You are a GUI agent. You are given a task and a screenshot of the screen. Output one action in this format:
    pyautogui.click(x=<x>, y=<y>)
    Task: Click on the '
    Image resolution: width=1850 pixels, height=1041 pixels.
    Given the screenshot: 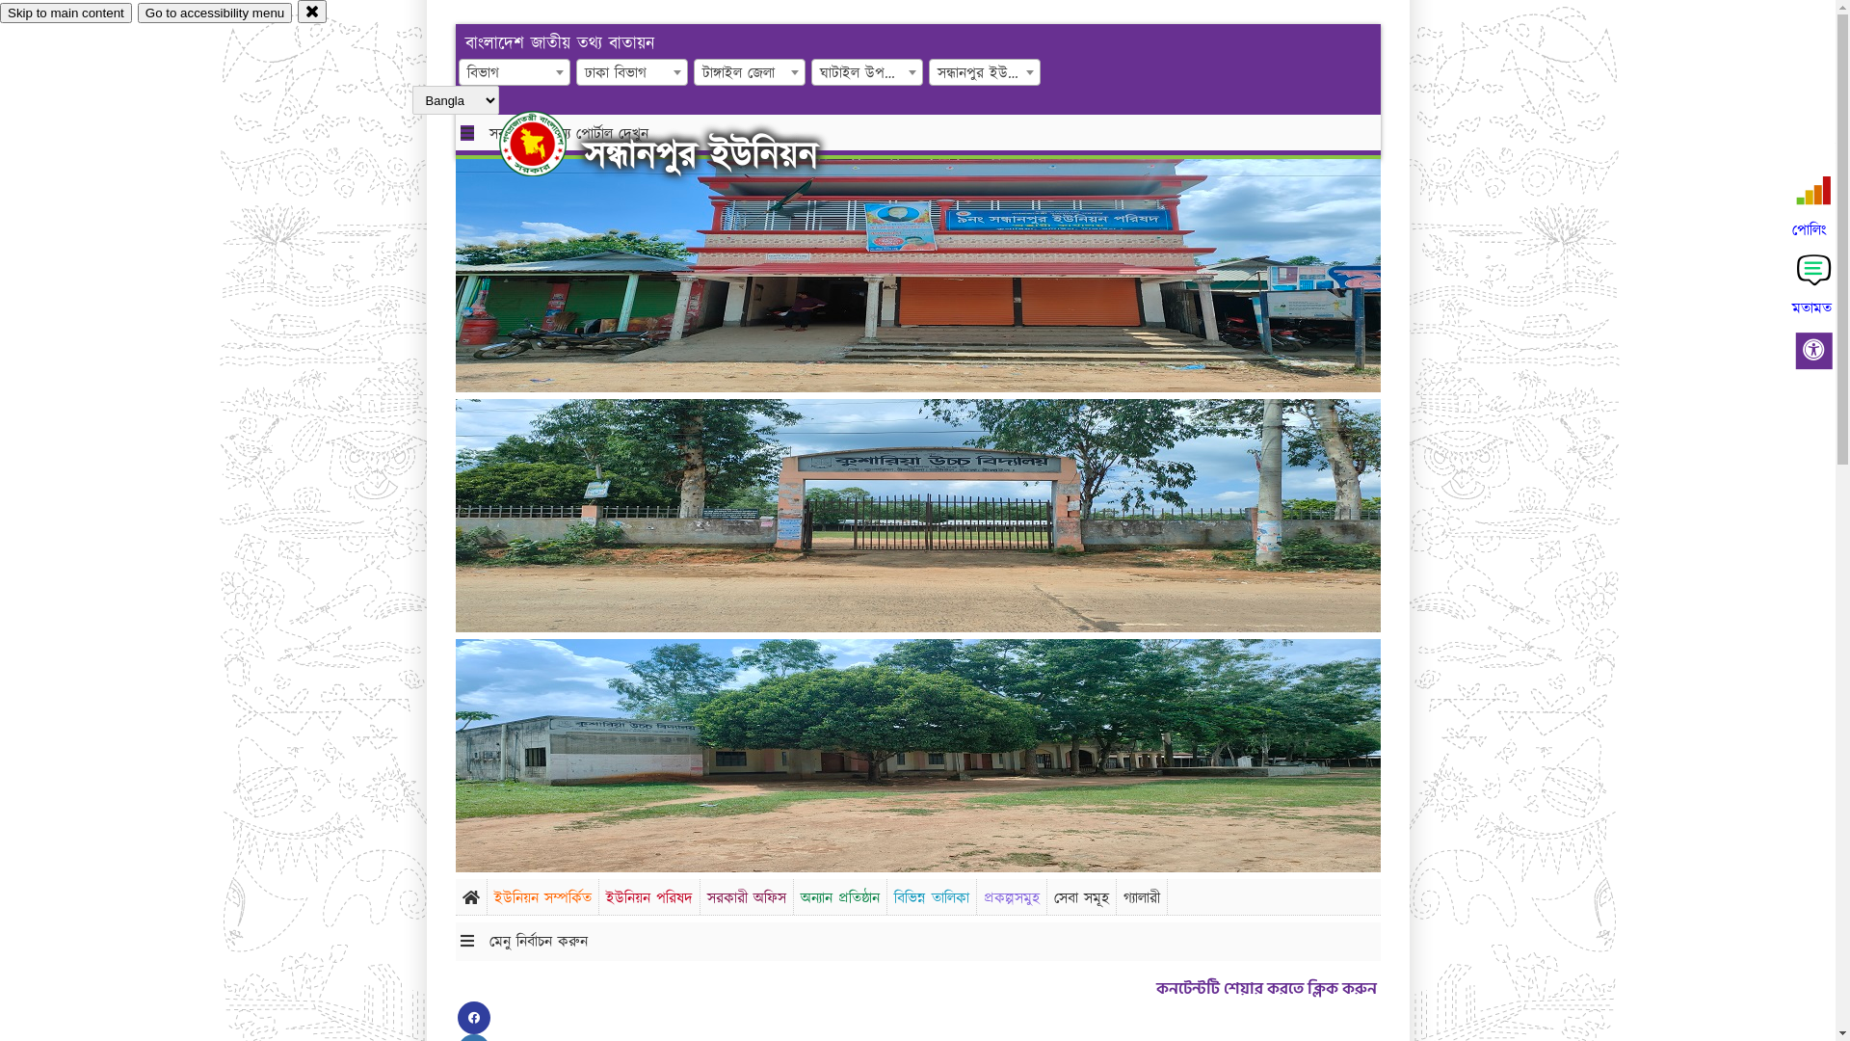 What is the action you would take?
    pyautogui.click(x=548, y=143)
    